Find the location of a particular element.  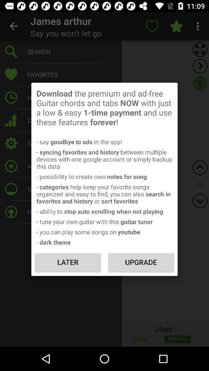

item next to upgrade item is located at coordinates (68, 262).